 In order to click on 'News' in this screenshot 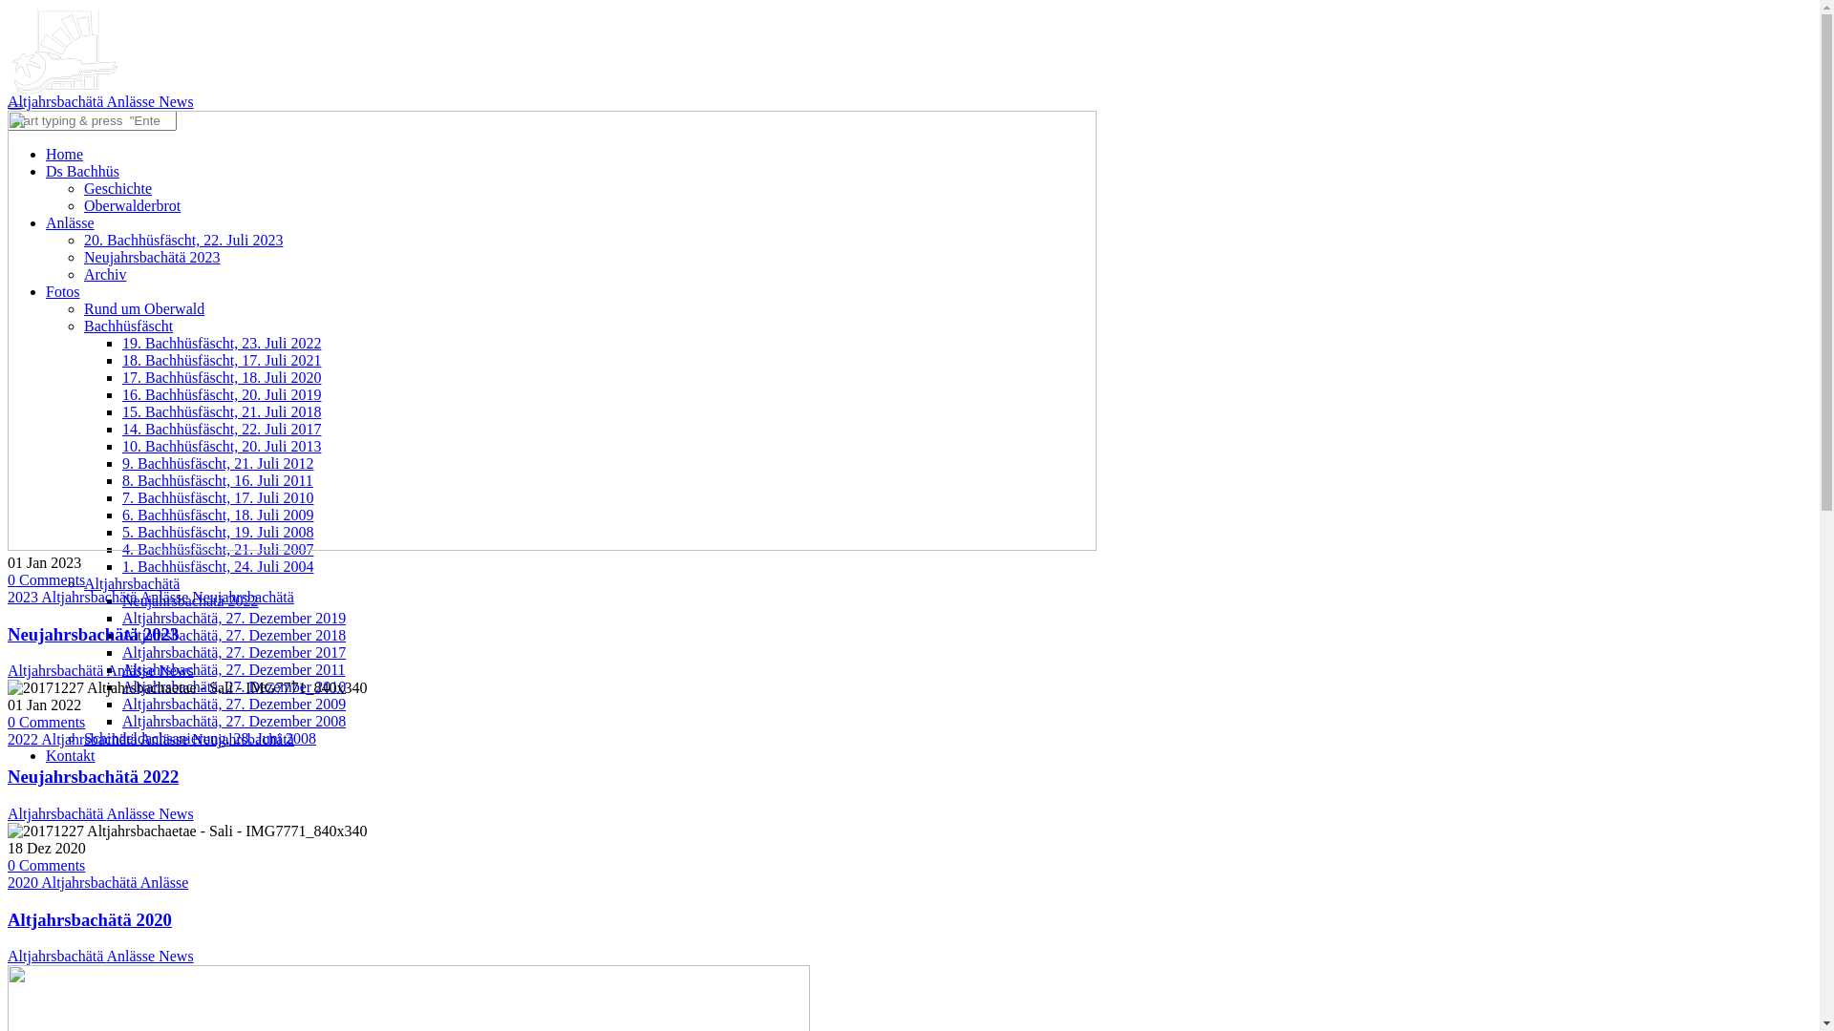, I will do `click(175, 101)`.